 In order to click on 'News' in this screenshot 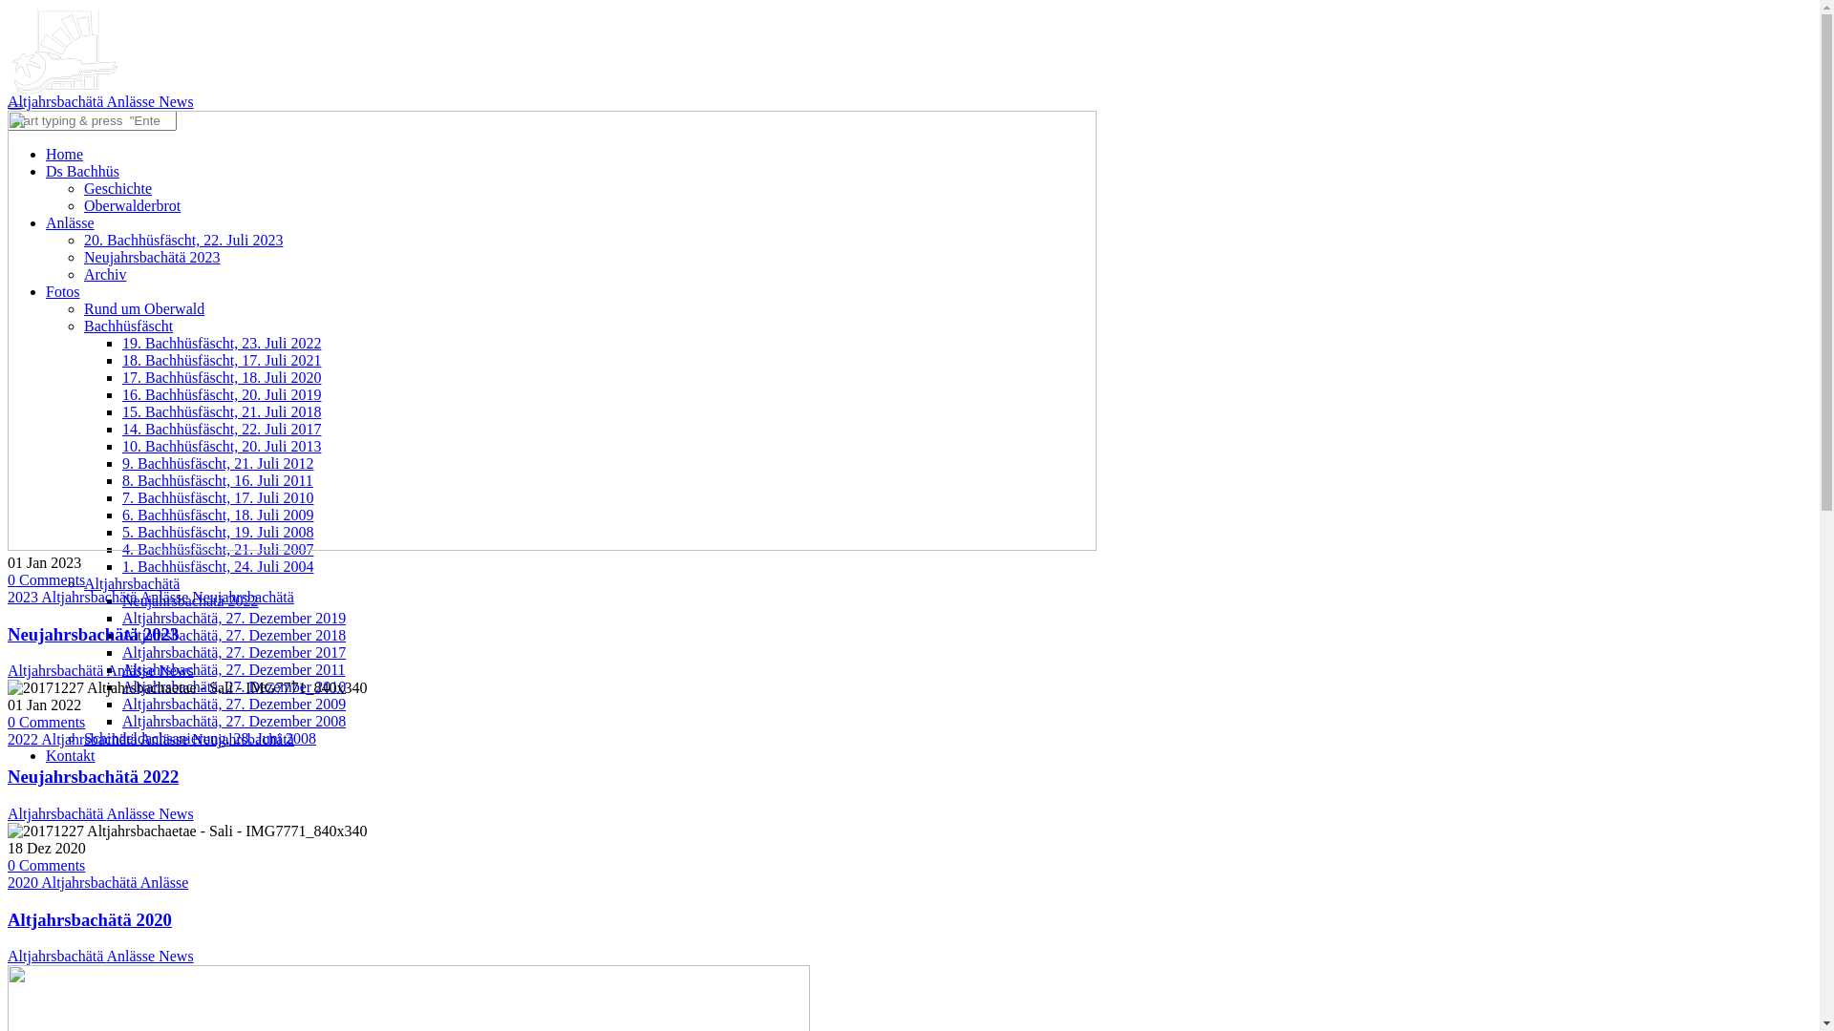, I will do `click(175, 101)`.